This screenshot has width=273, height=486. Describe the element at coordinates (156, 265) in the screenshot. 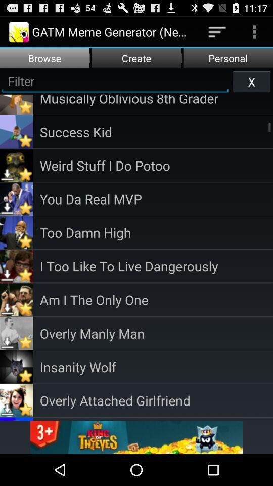

I see `i too like` at that location.